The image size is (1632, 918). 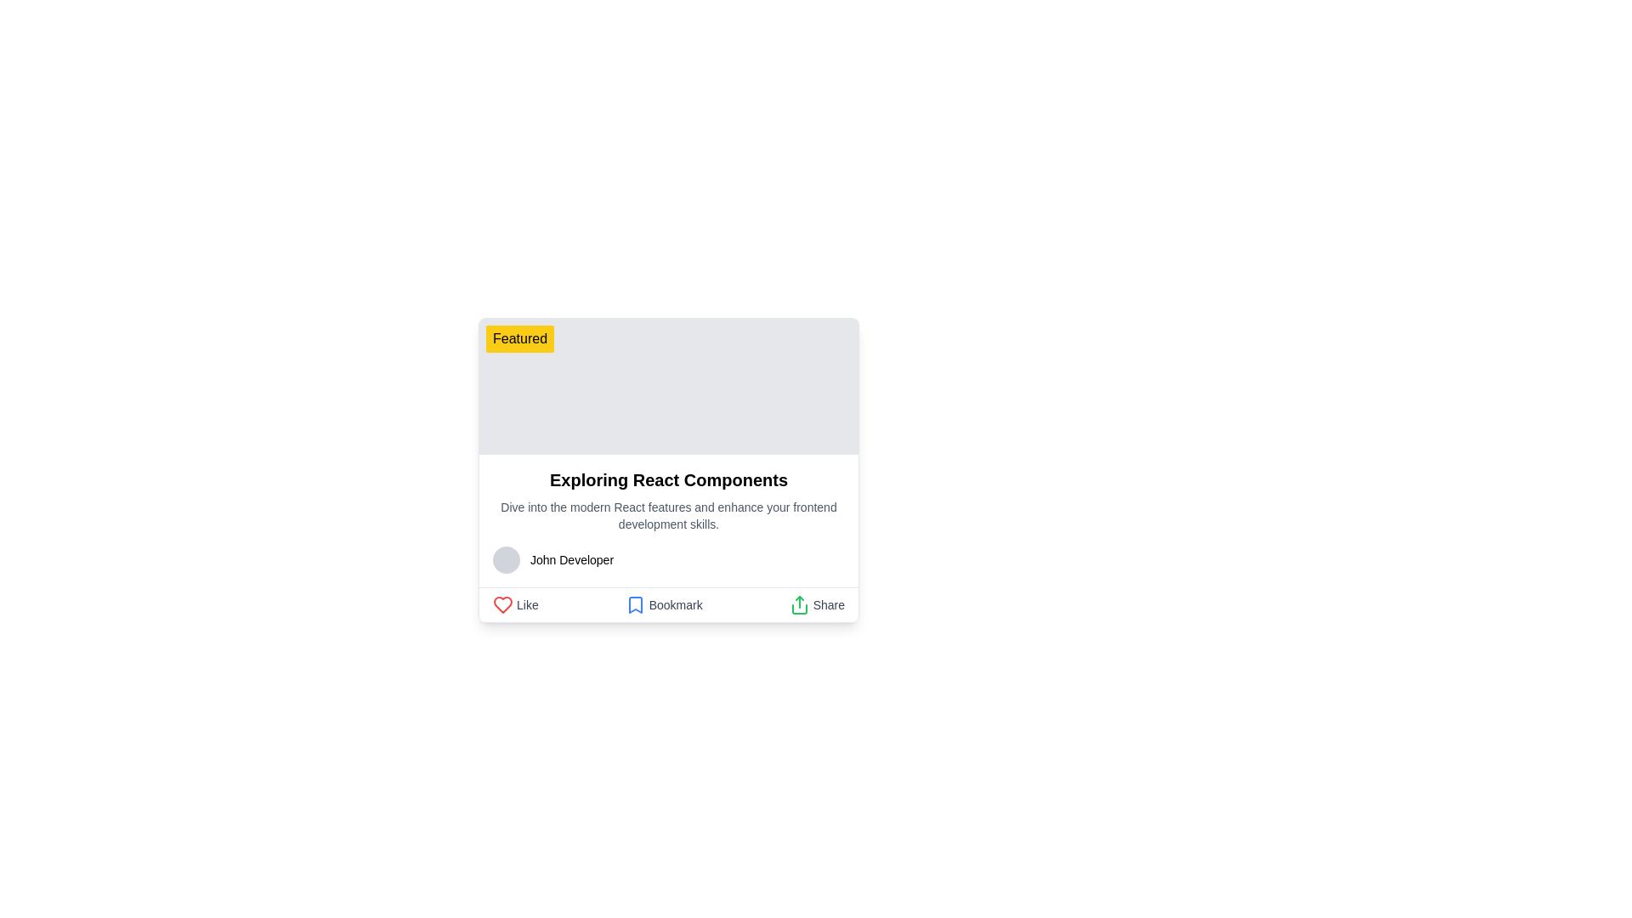 What do you see at coordinates (668, 479) in the screenshot?
I see `the prominent text headline 'Exploring React Components.'` at bounding box center [668, 479].